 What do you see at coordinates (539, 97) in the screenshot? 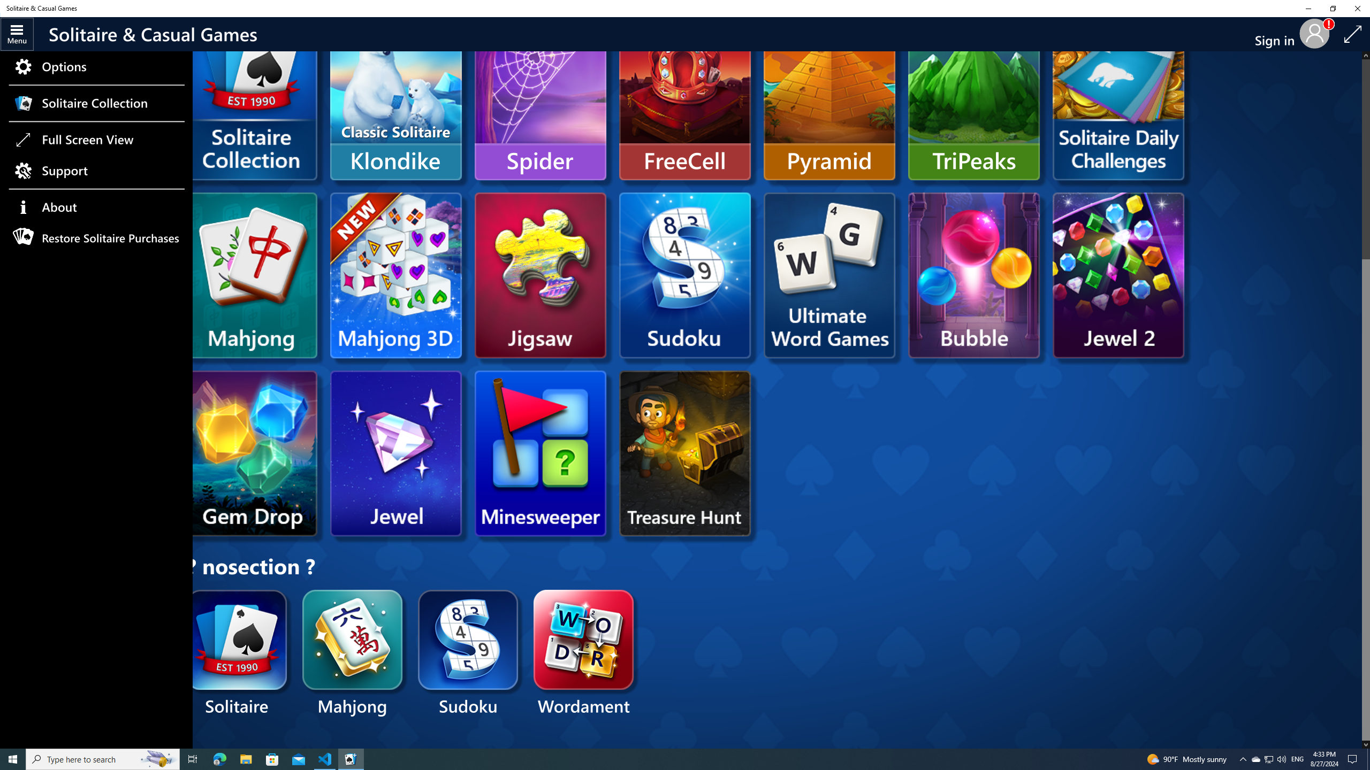
I see `'Spider'` at bounding box center [539, 97].